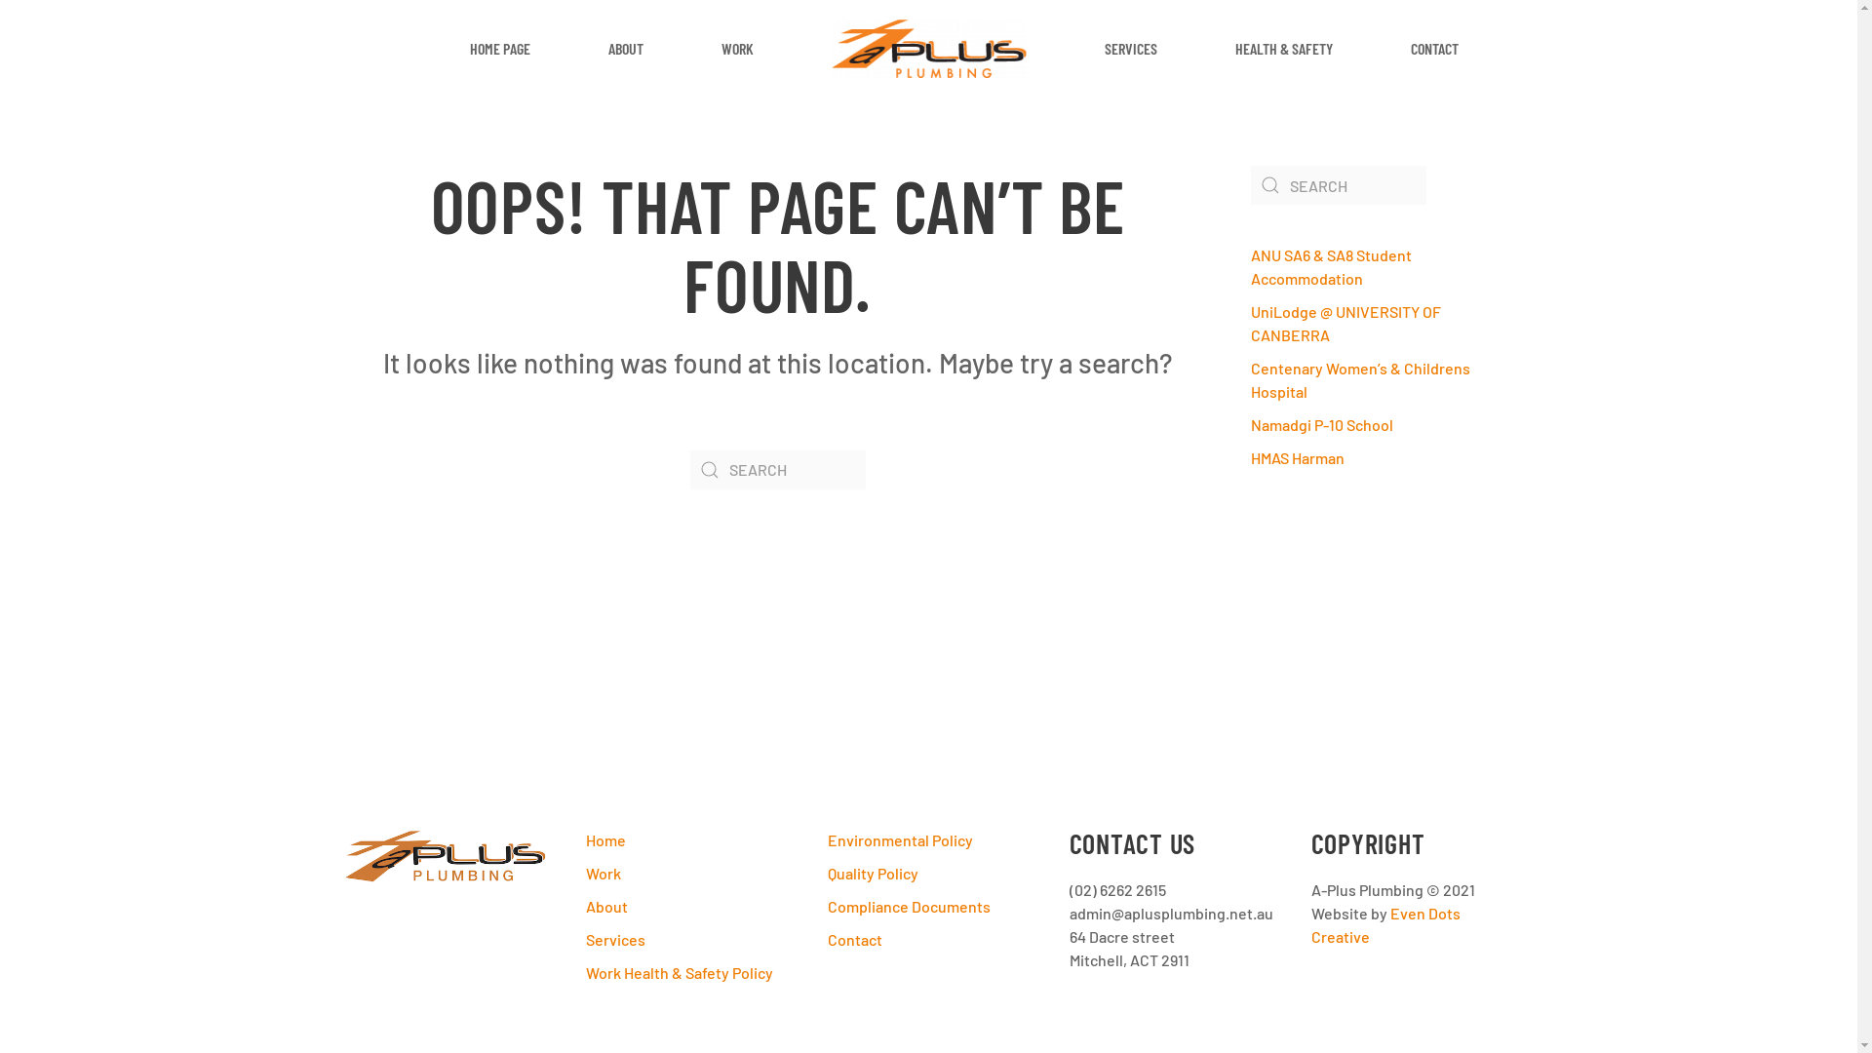 This screenshot has height=1053, width=1872. I want to click on 'WORK', so click(682, 48).